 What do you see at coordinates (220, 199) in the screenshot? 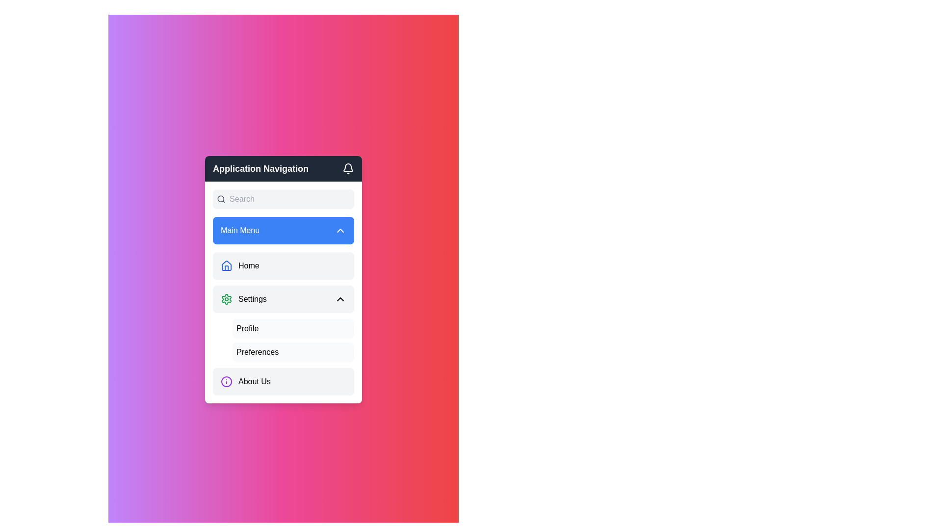
I see `the graphical circle element representing the base of the search icon located in the top-right corner of the navigation panel` at bounding box center [220, 199].